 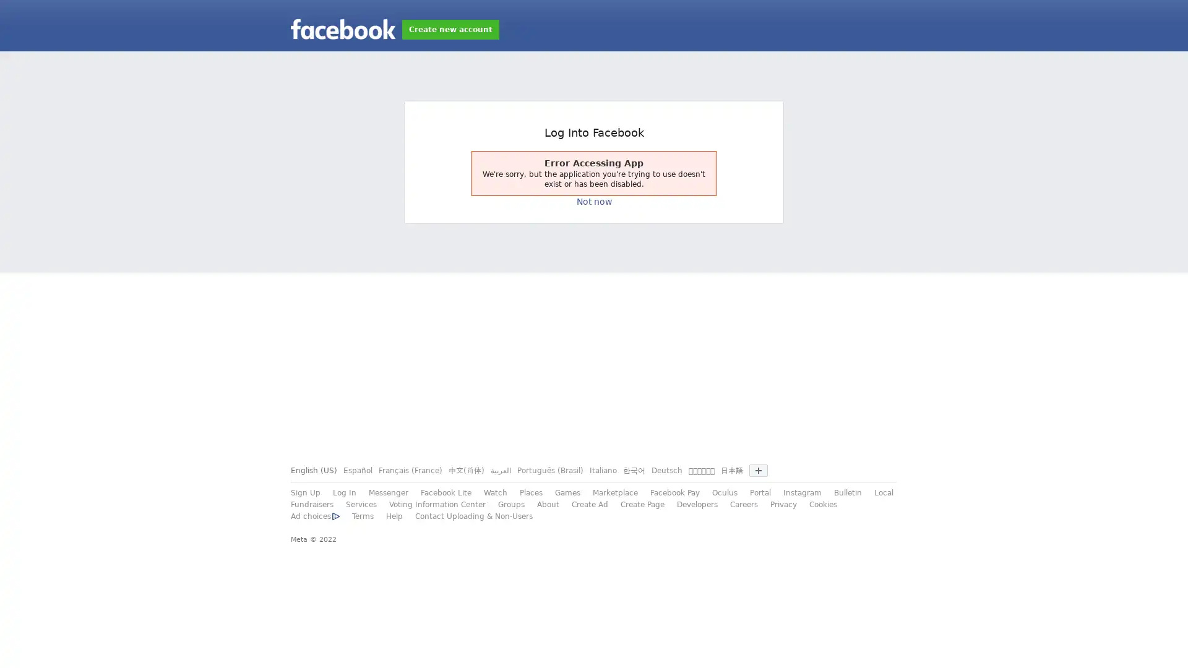 What do you see at coordinates (450, 28) in the screenshot?
I see `Create new account` at bounding box center [450, 28].